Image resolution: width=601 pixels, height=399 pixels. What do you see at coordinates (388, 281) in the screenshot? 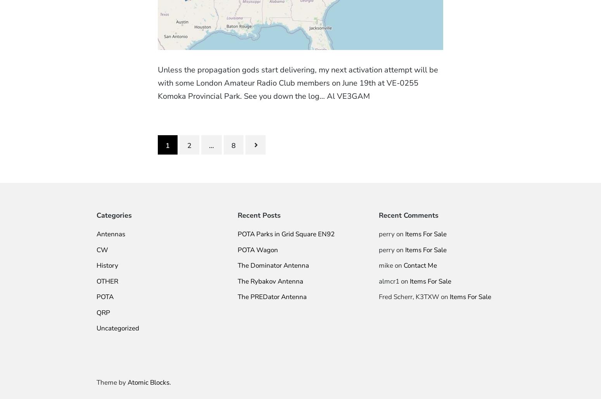
I see `'almcr1'` at bounding box center [388, 281].